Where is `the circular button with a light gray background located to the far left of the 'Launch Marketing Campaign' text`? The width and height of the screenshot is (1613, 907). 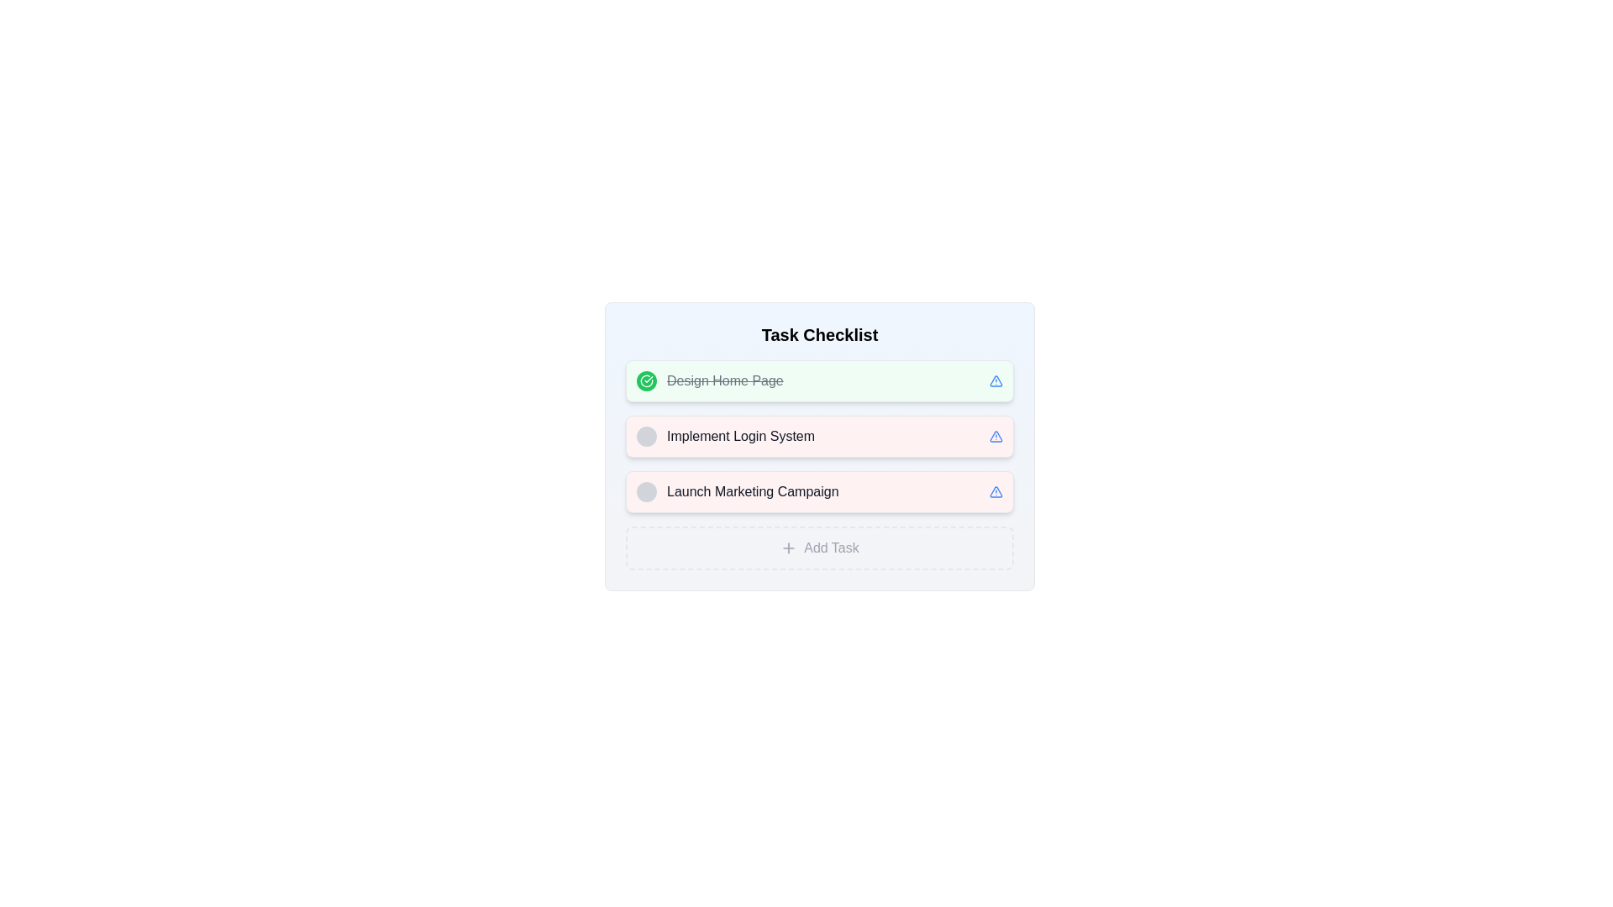
the circular button with a light gray background located to the far left of the 'Launch Marketing Campaign' text is located at coordinates (645, 491).